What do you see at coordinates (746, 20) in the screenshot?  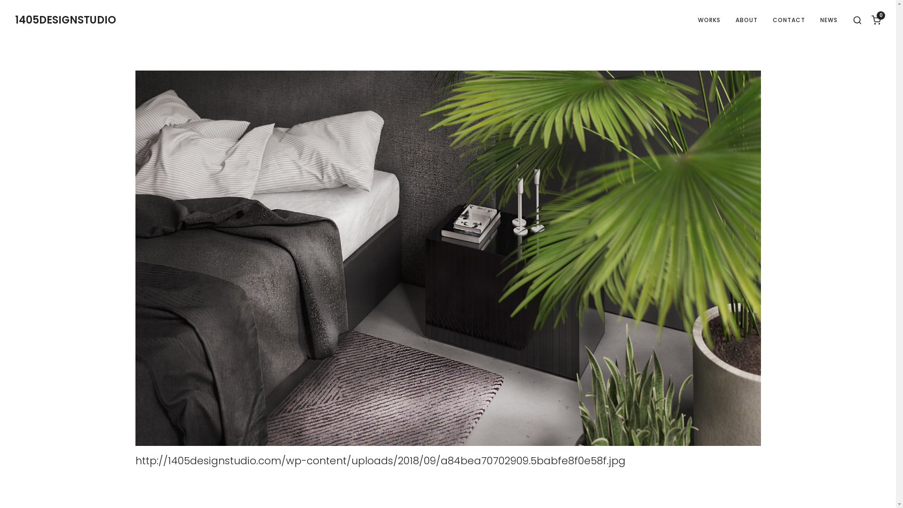 I see `'ABOUT'` at bounding box center [746, 20].